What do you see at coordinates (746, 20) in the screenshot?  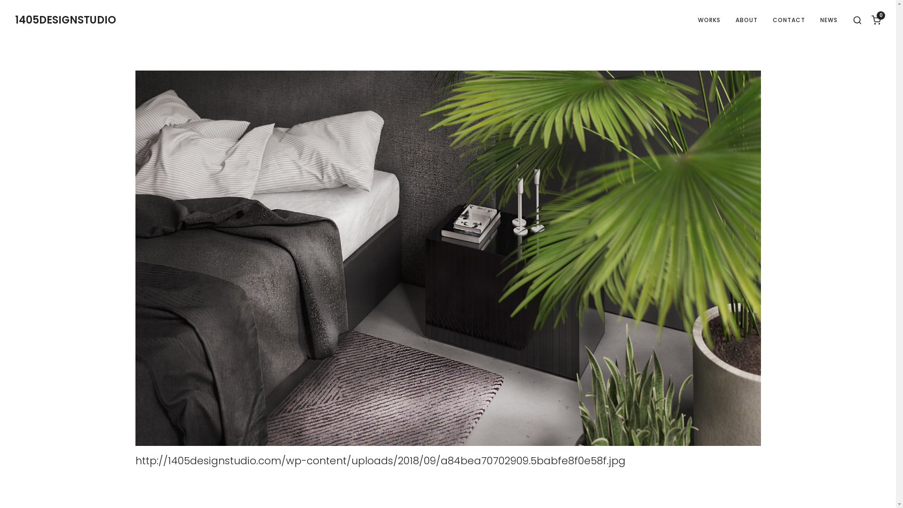 I see `'ABOUT'` at bounding box center [746, 20].